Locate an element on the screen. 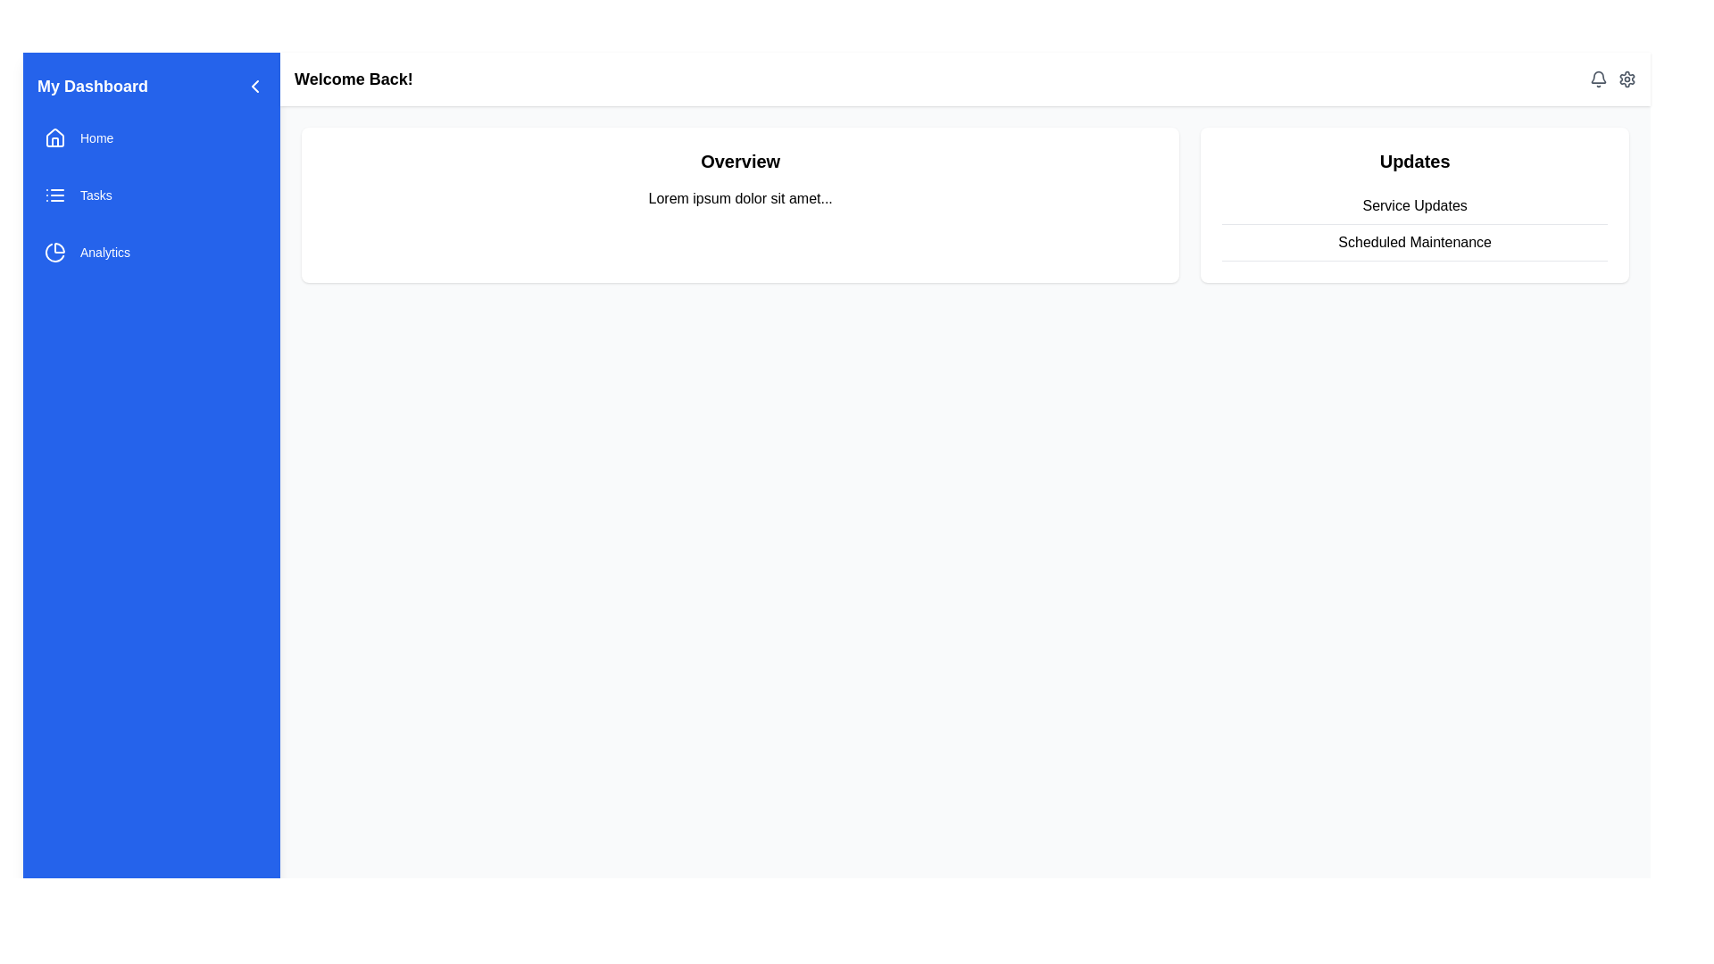 The height and width of the screenshot is (964, 1714). the bell icon in the notification and settings control located at the top right corner of the header section is located at coordinates (1612, 78).